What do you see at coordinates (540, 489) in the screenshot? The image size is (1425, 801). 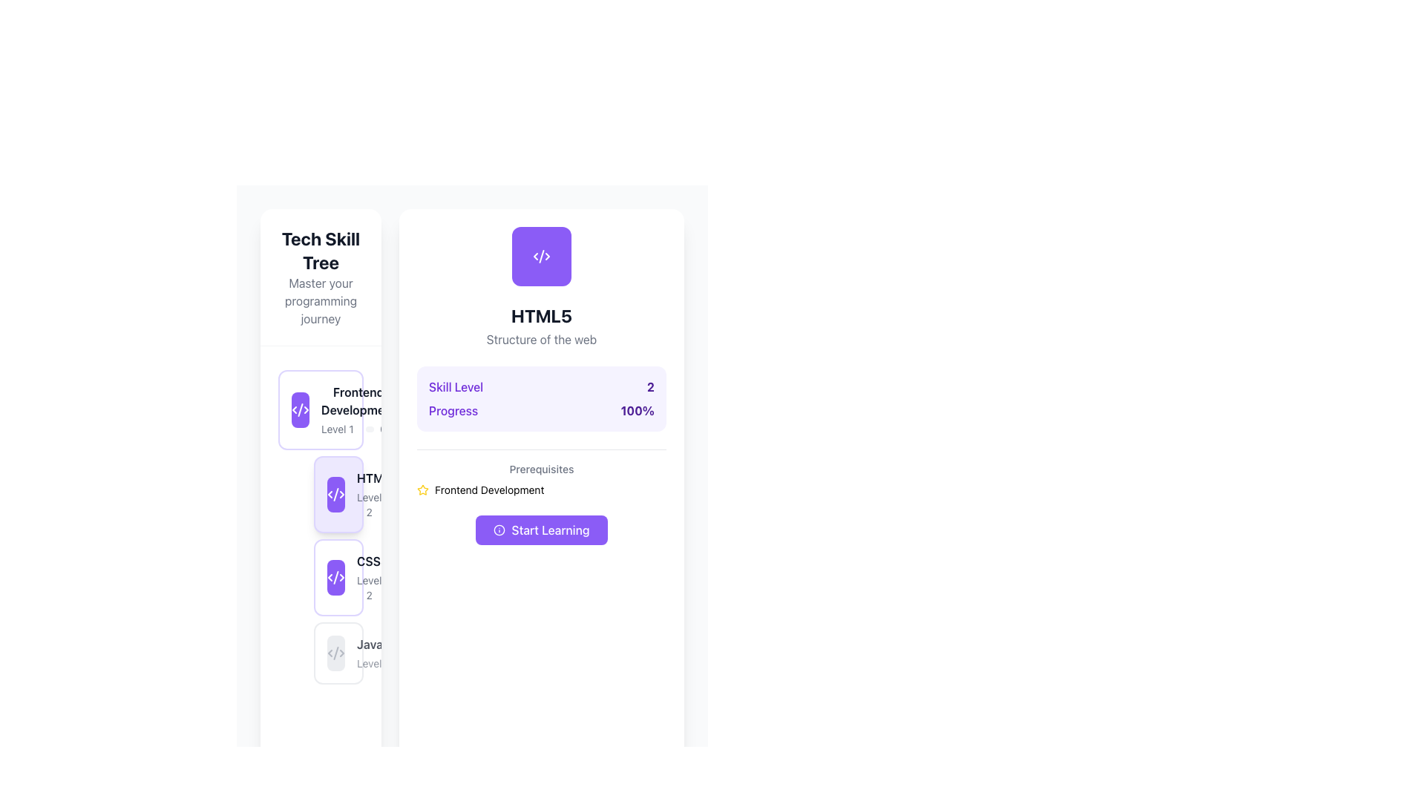 I see `text of the 'Frontend Development' prerequisite label located in the prerequisites section of the HTML5 skill description card, positioned above the 'Start Learning' button` at bounding box center [540, 489].